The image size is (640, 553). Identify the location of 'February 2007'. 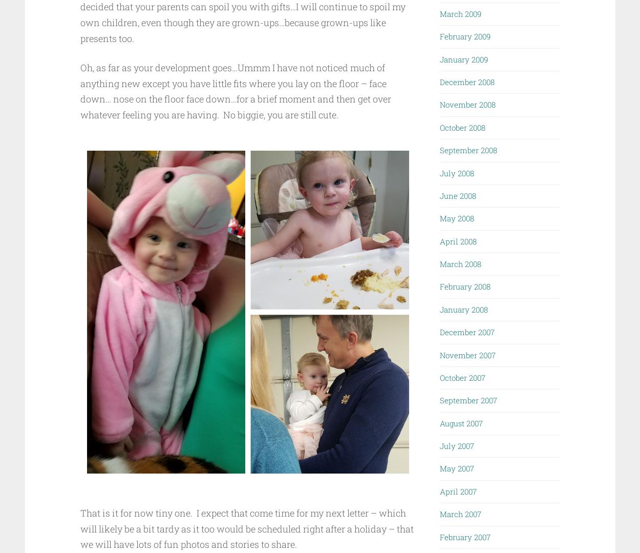
(465, 536).